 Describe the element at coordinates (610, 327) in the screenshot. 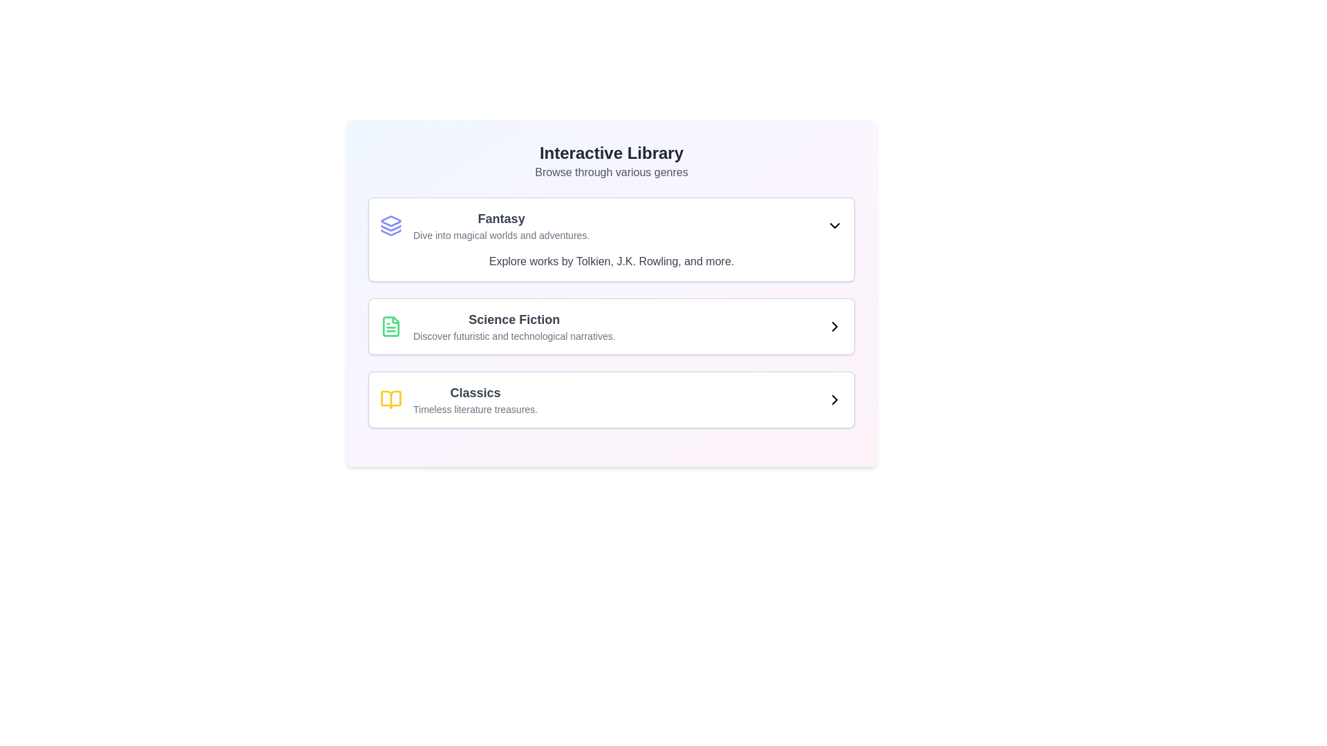

I see `the 'Science Fiction' genre button, which is the second option in the genre list, located centrally in the interface just below the 'Fantasy' category` at that location.